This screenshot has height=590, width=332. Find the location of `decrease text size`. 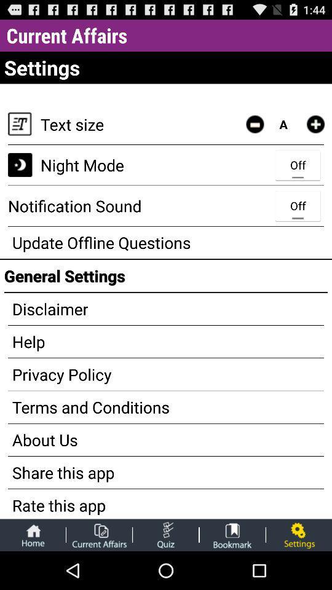

decrease text size is located at coordinates (254, 124).